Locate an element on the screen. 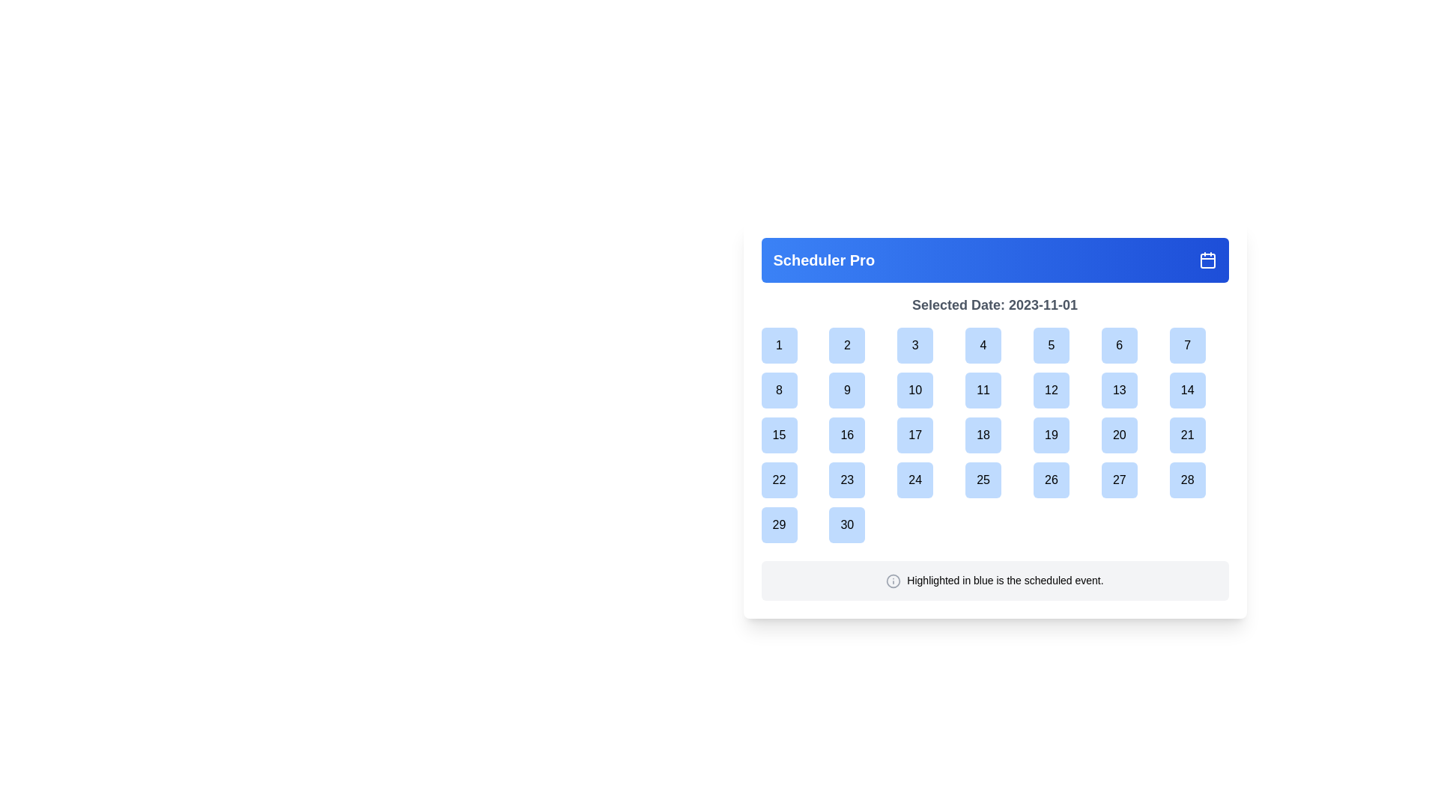 Image resolution: width=1438 pixels, height=808 pixels. the blue square button with rounded corners containing the number '2' is located at coordinates (858, 346).